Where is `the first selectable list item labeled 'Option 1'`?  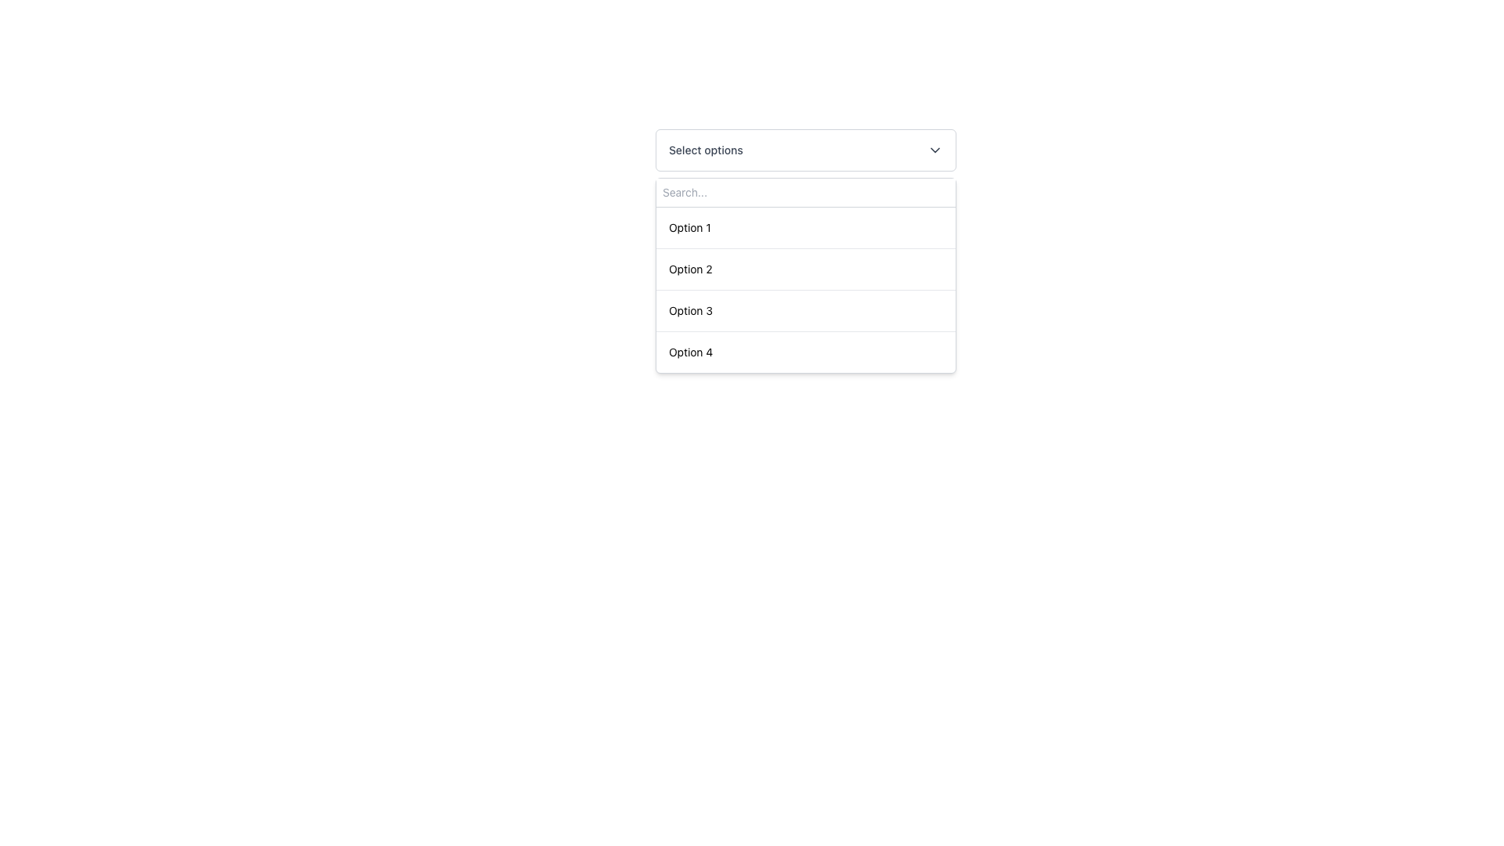
the first selectable list item labeled 'Option 1' is located at coordinates (805, 227).